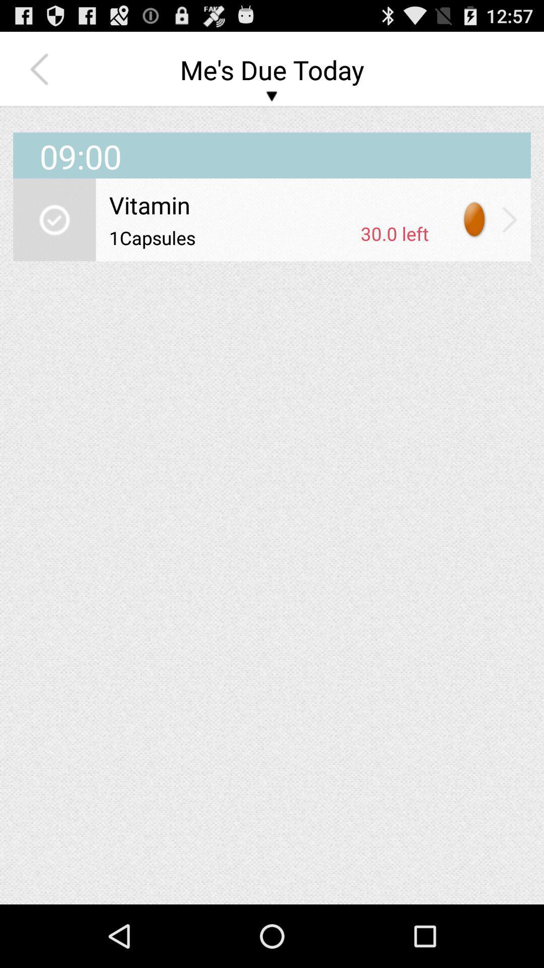 The width and height of the screenshot is (544, 968). Describe the element at coordinates (509, 219) in the screenshot. I see `item below the 09:00 app` at that location.